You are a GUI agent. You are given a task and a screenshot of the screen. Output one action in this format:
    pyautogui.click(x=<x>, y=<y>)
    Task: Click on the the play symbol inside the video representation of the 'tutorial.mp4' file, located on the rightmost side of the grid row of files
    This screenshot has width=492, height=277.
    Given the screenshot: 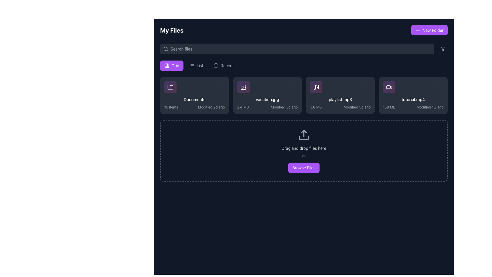 What is the action you would take?
    pyautogui.click(x=391, y=87)
    